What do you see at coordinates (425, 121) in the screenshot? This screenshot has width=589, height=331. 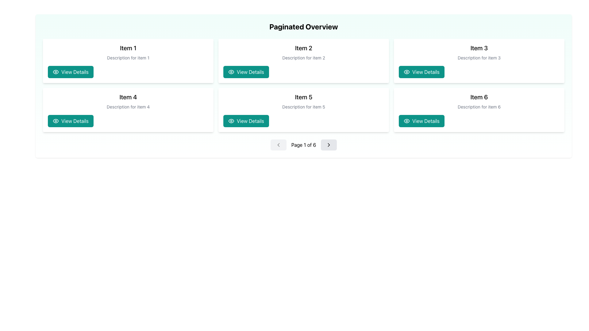 I see `the button containing the text label in the bottom-right card labeled 'Item 6' to provide more detailed information about the associated item` at bounding box center [425, 121].